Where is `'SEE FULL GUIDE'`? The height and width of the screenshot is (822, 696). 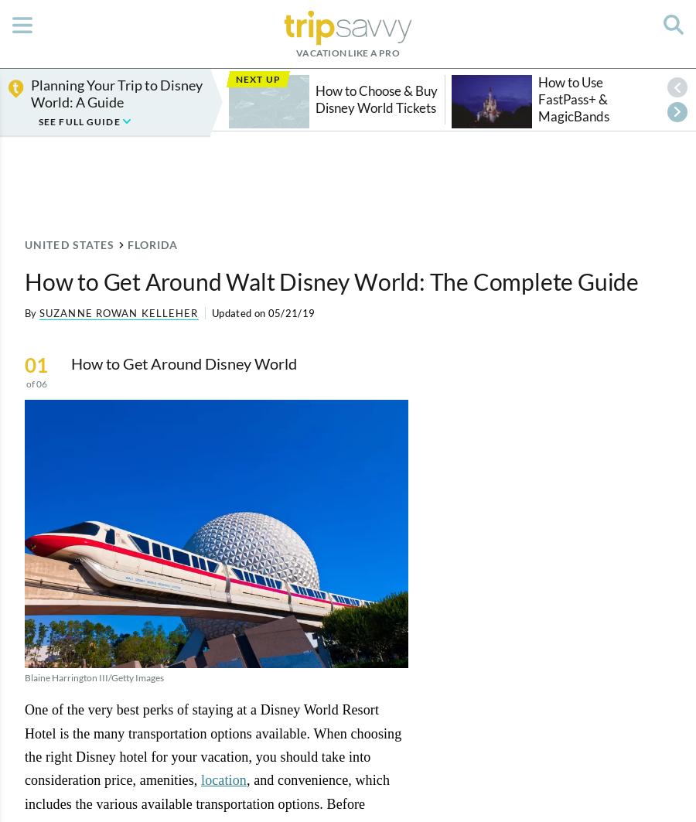
'SEE FULL GUIDE' is located at coordinates (80, 121).